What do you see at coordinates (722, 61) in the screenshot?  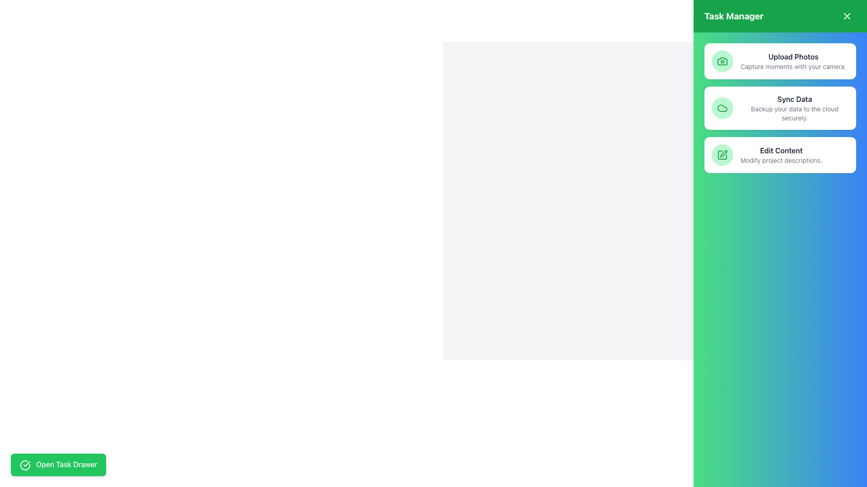 I see `the camera icon outlined in green within the circular green background, which is part of the 'Upload Photos' button in the 'Task Manager' panel` at bounding box center [722, 61].